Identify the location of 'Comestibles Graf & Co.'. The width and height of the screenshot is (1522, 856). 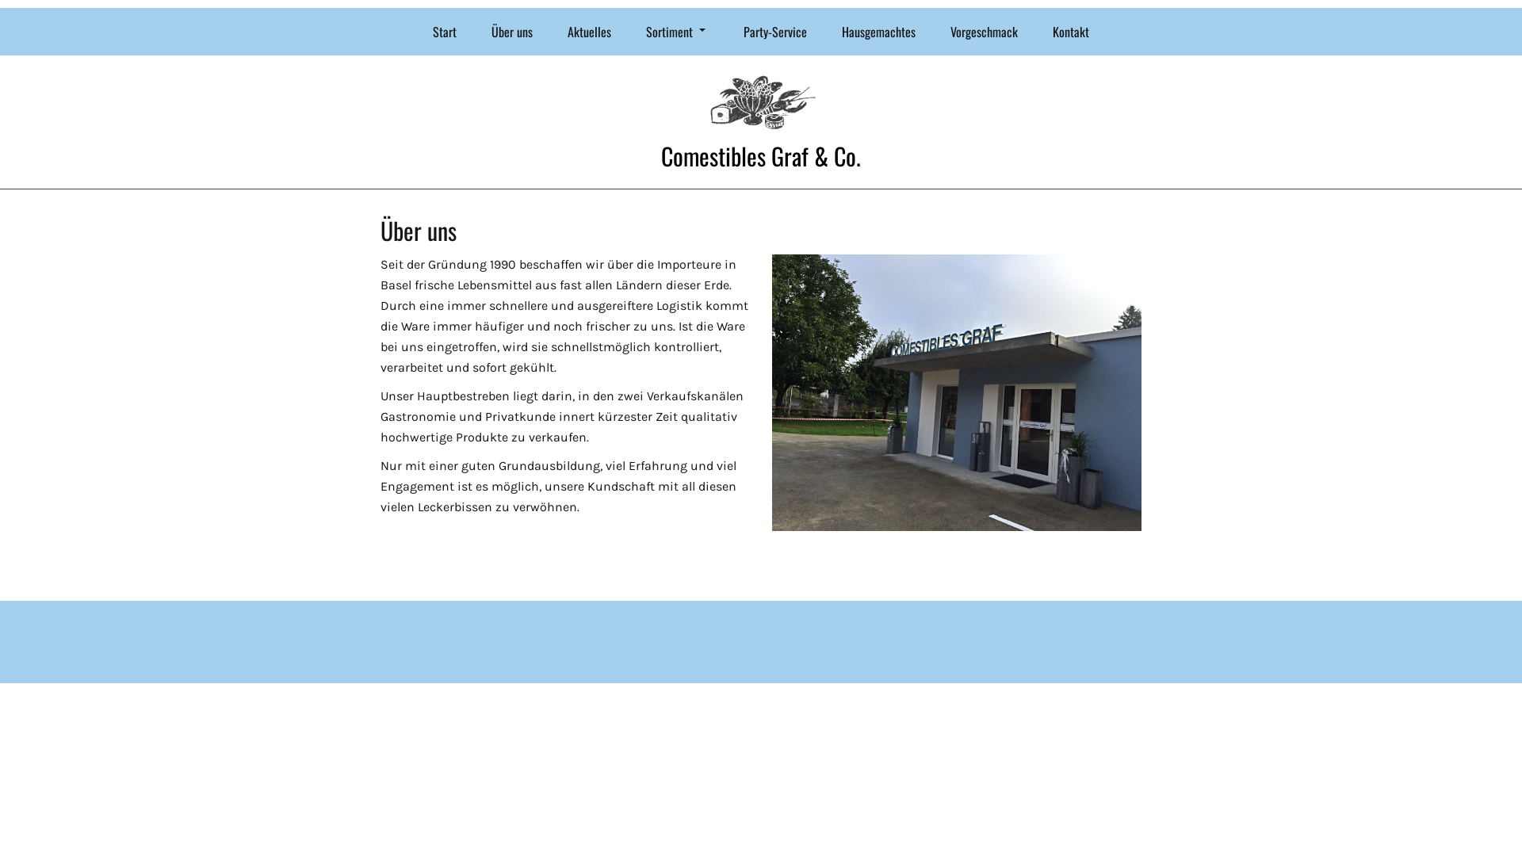
(761, 155).